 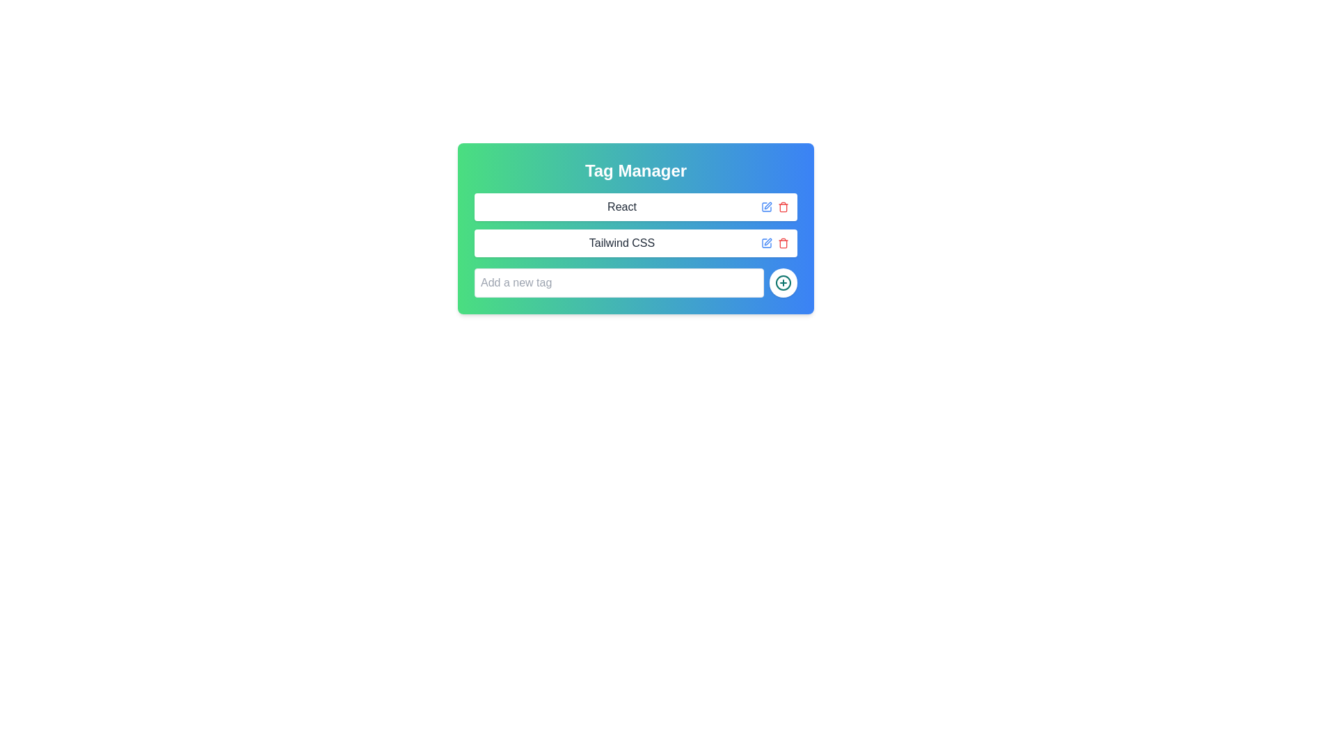 I want to click on the bold, centered text header reading 'Tag Manager' which is styled with a large font size and is positioned at the top of the panel with a gradient background, so click(x=635, y=170).